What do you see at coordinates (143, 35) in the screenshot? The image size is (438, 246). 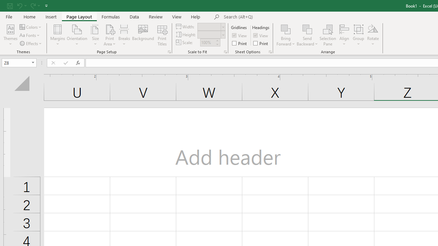 I see `'Background...'` at bounding box center [143, 35].